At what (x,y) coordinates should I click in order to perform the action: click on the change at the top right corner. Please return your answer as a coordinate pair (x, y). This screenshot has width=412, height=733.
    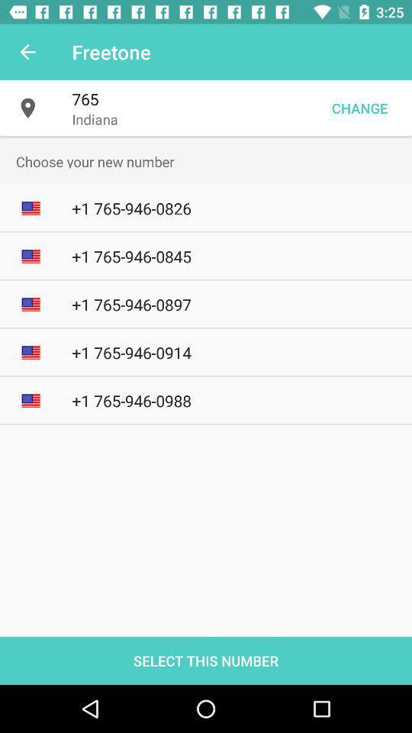
    Looking at the image, I should click on (359, 107).